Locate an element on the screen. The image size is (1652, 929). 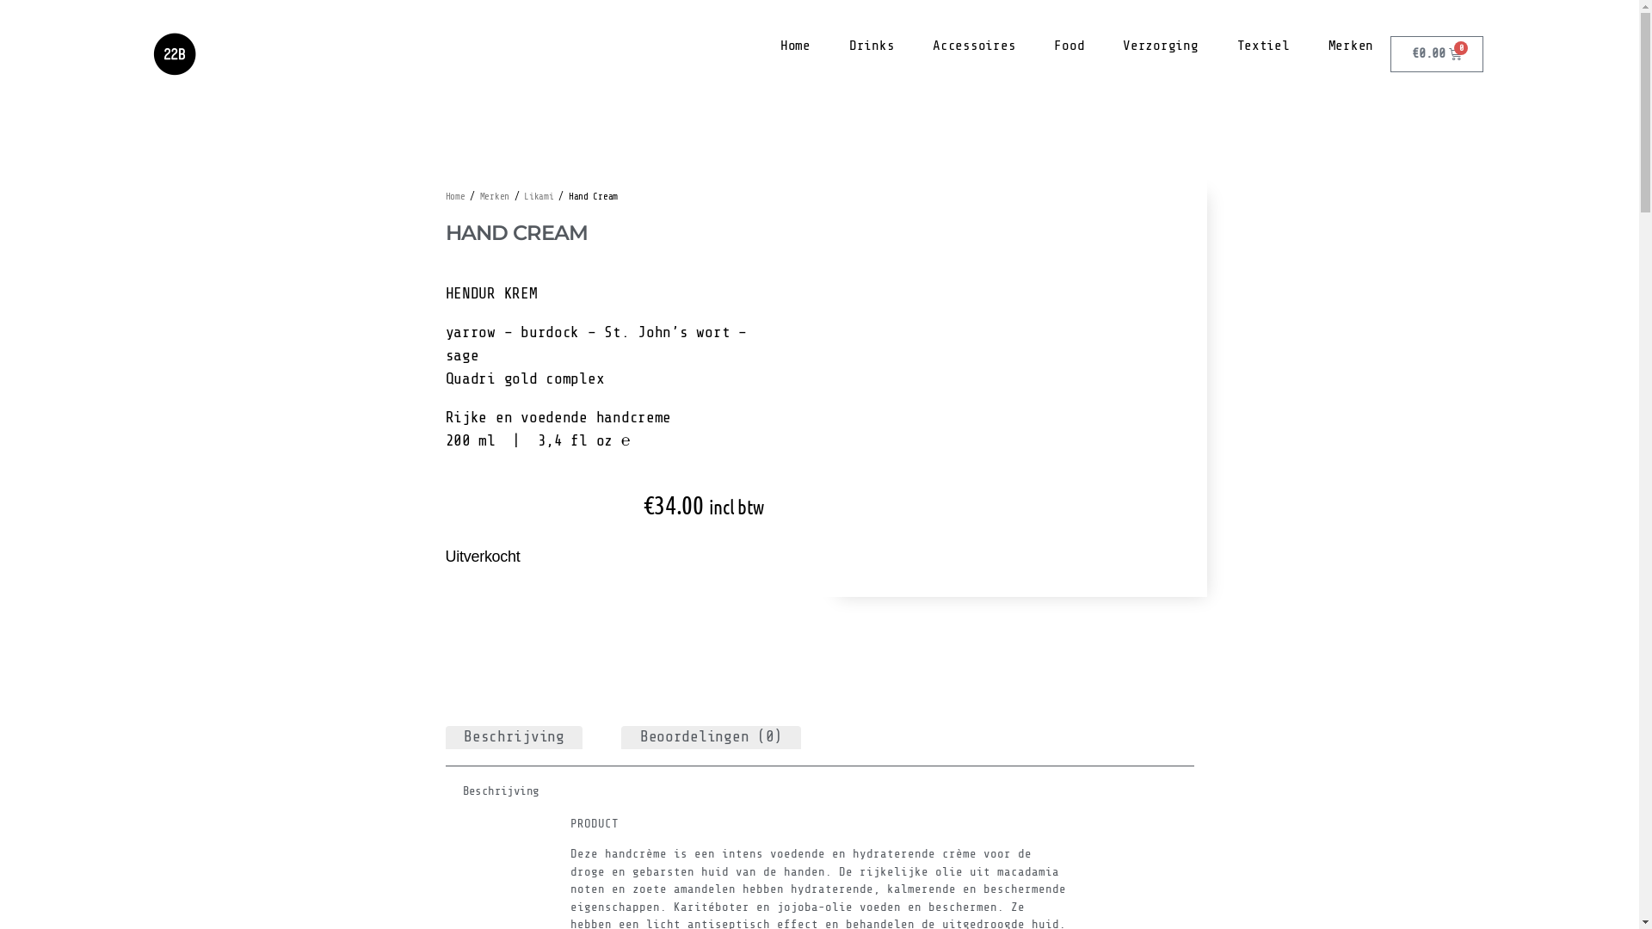
'Beschrijving' is located at coordinates (514, 735).